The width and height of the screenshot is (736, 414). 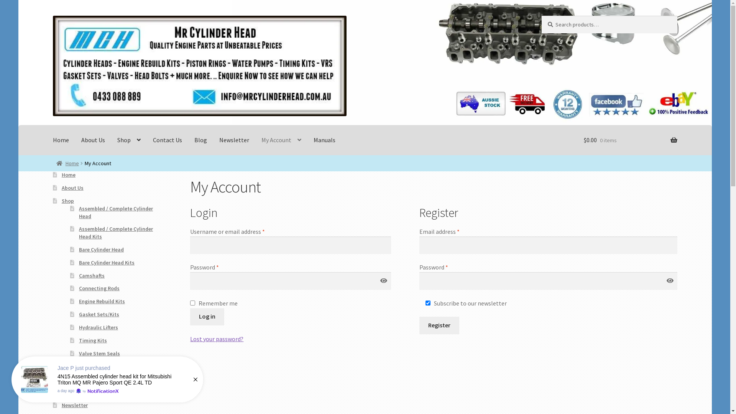 What do you see at coordinates (75, 378) in the screenshot?
I see `'Contact Us'` at bounding box center [75, 378].